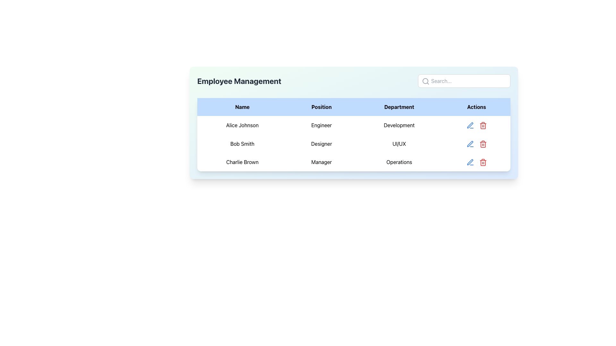 The width and height of the screenshot is (616, 346). What do you see at coordinates (399, 125) in the screenshot?
I see `the 'Development' text label located in the 'Department' column of the 'Employee Management' table, which is aligned with the row of 'Alice Johnson'` at bounding box center [399, 125].